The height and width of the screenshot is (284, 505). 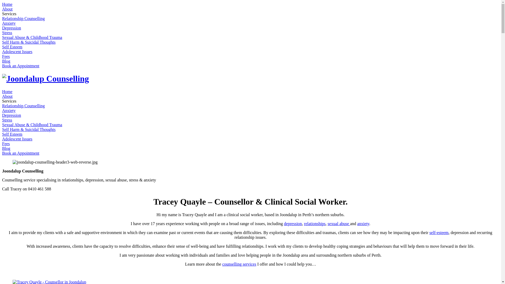 What do you see at coordinates (7, 91) in the screenshot?
I see `'Home'` at bounding box center [7, 91].